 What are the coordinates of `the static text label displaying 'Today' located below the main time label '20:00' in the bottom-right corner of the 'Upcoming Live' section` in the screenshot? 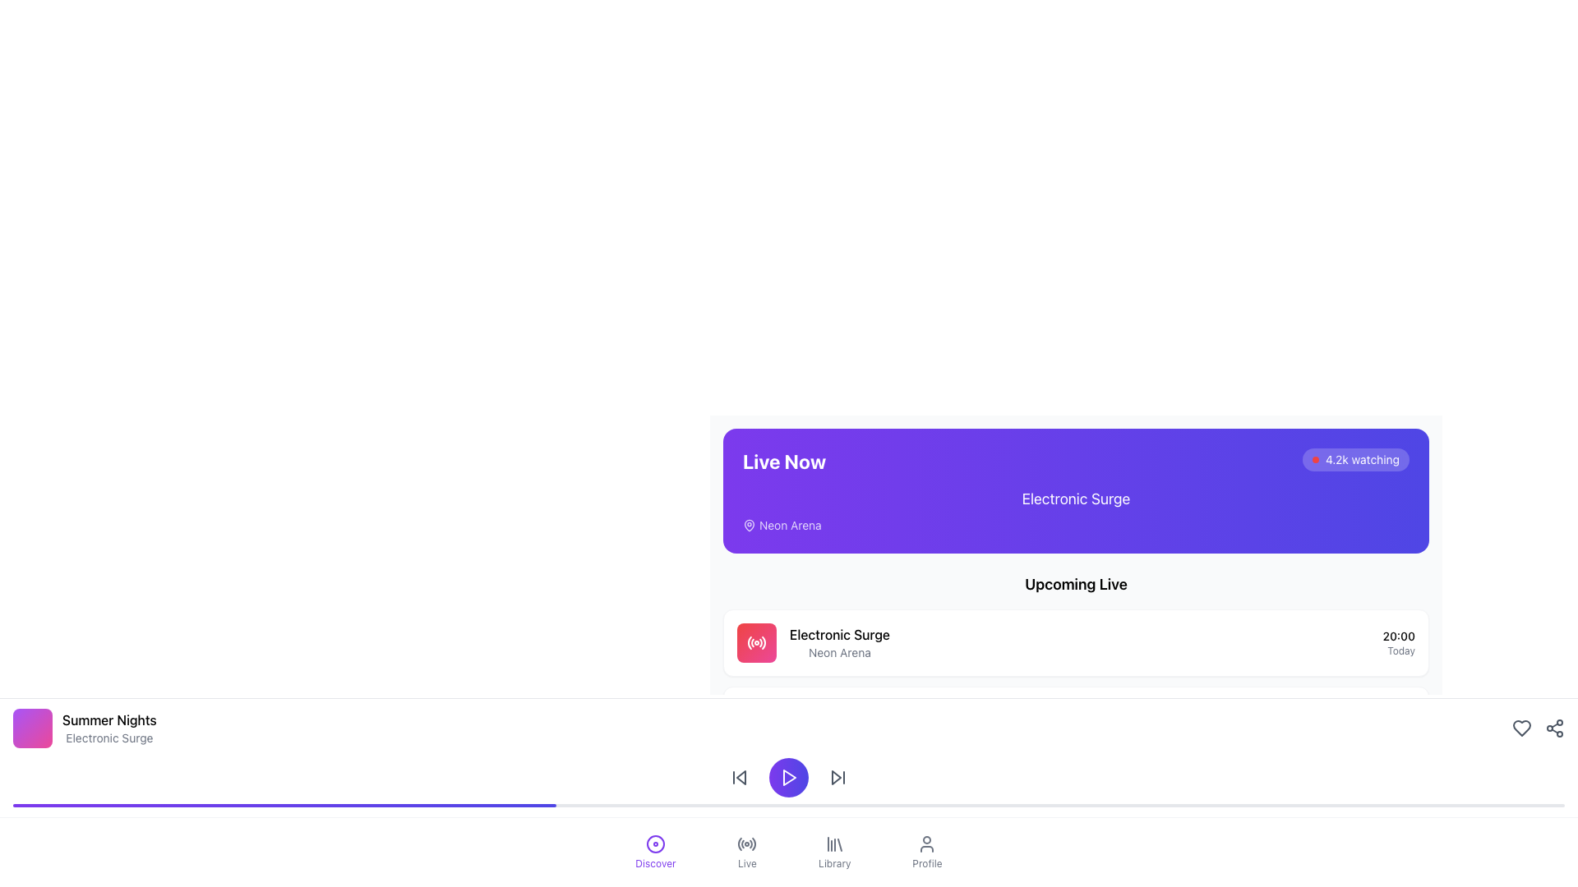 It's located at (1398, 650).